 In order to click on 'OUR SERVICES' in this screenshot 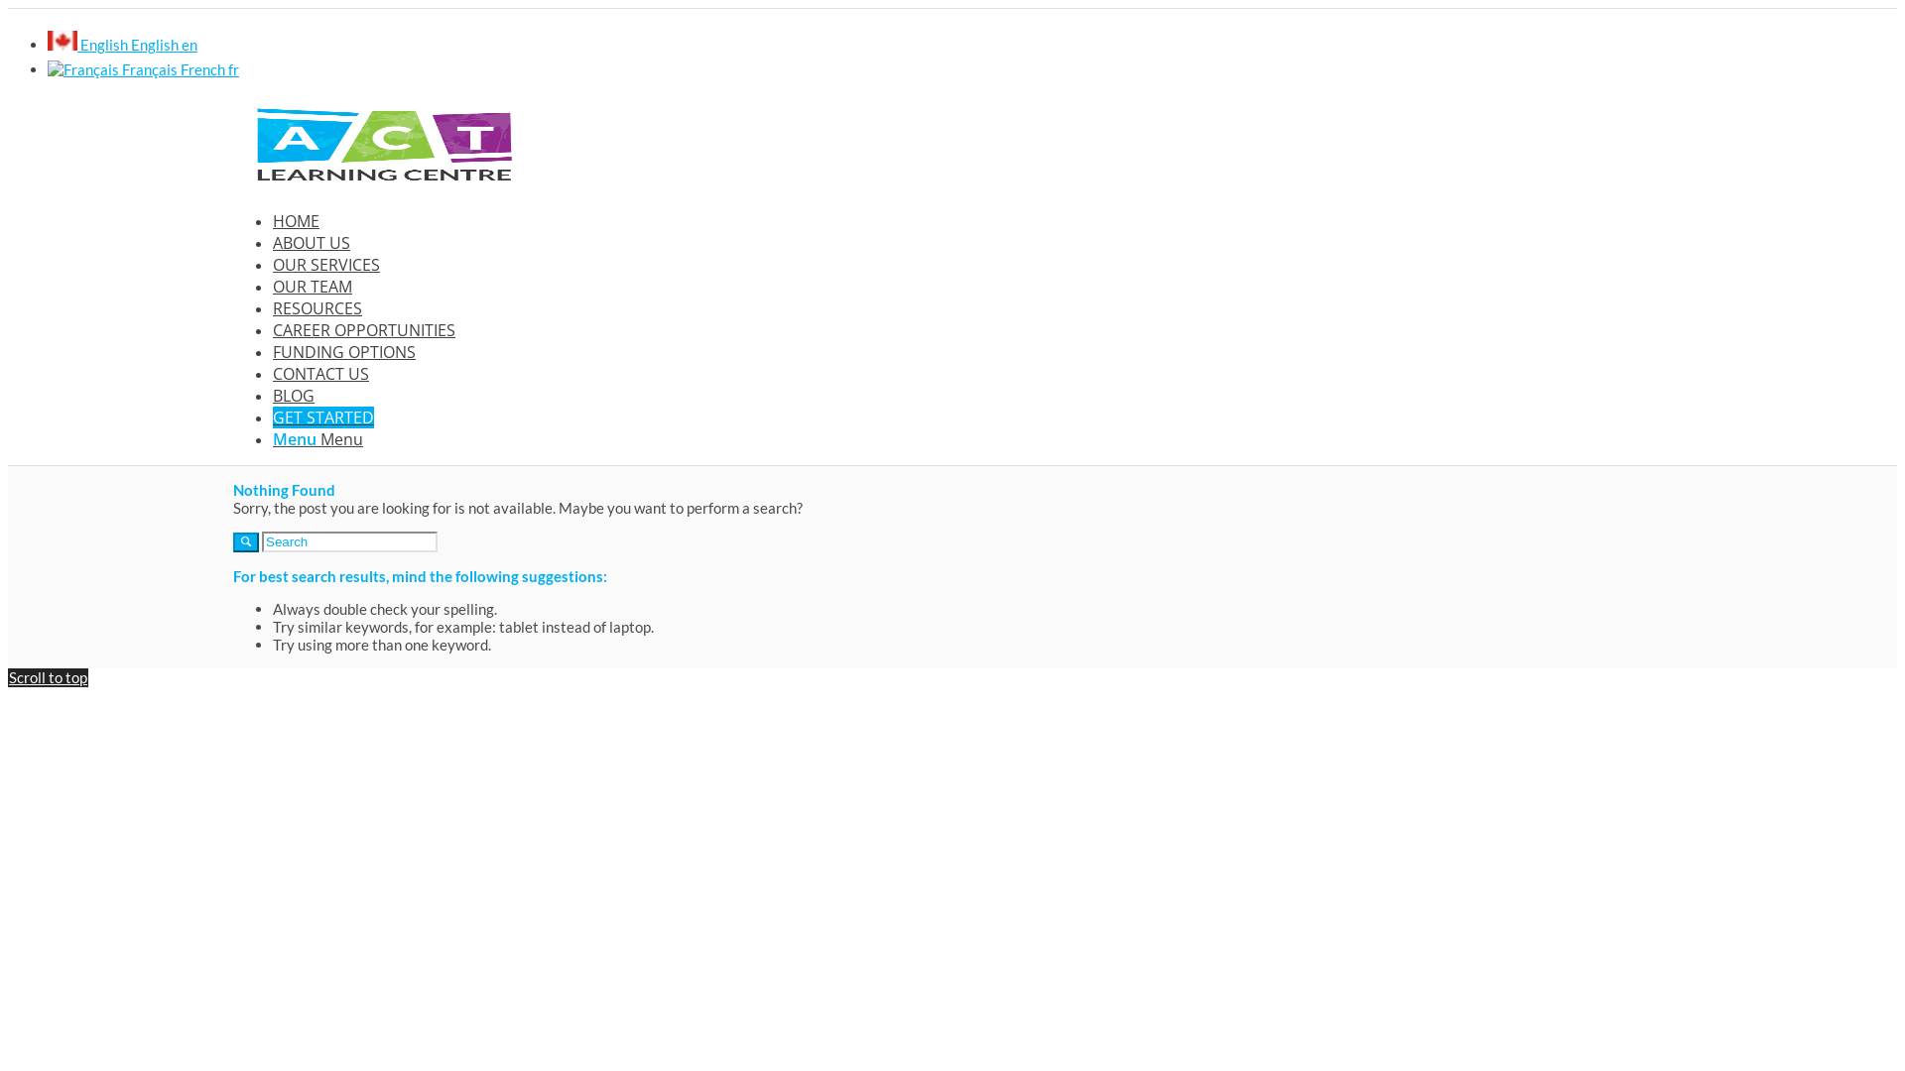, I will do `click(271, 263)`.